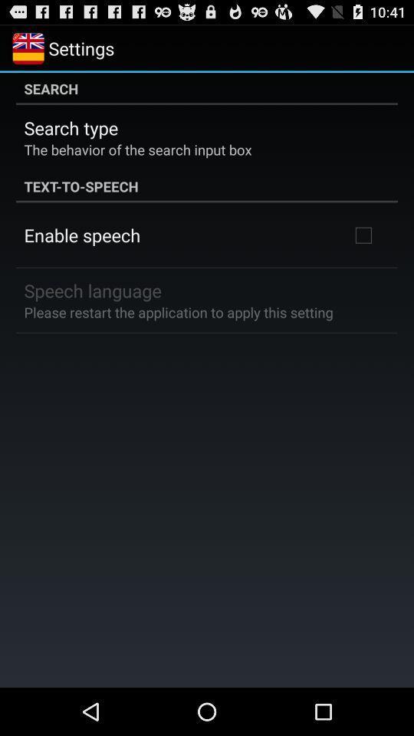  Describe the element at coordinates (363, 235) in the screenshot. I see `the app to the right of the enable speech icon` at that location.